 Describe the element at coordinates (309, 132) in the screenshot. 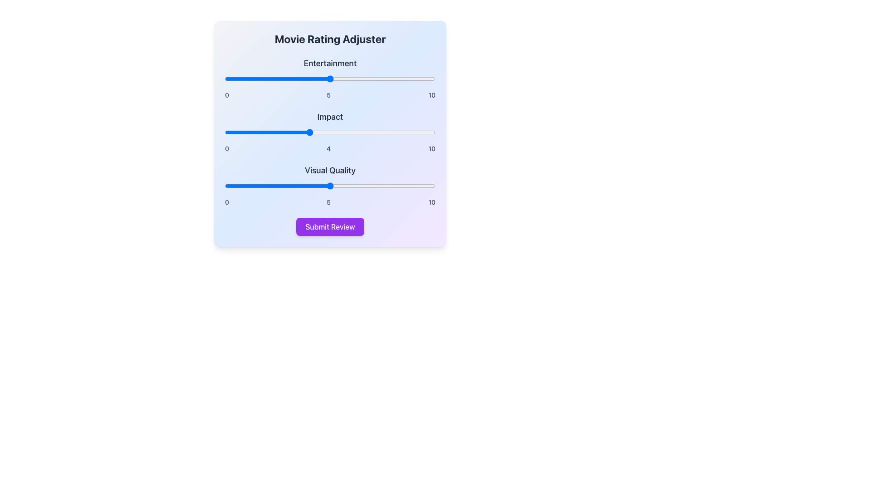

I see `the Impact slider value` at that location.